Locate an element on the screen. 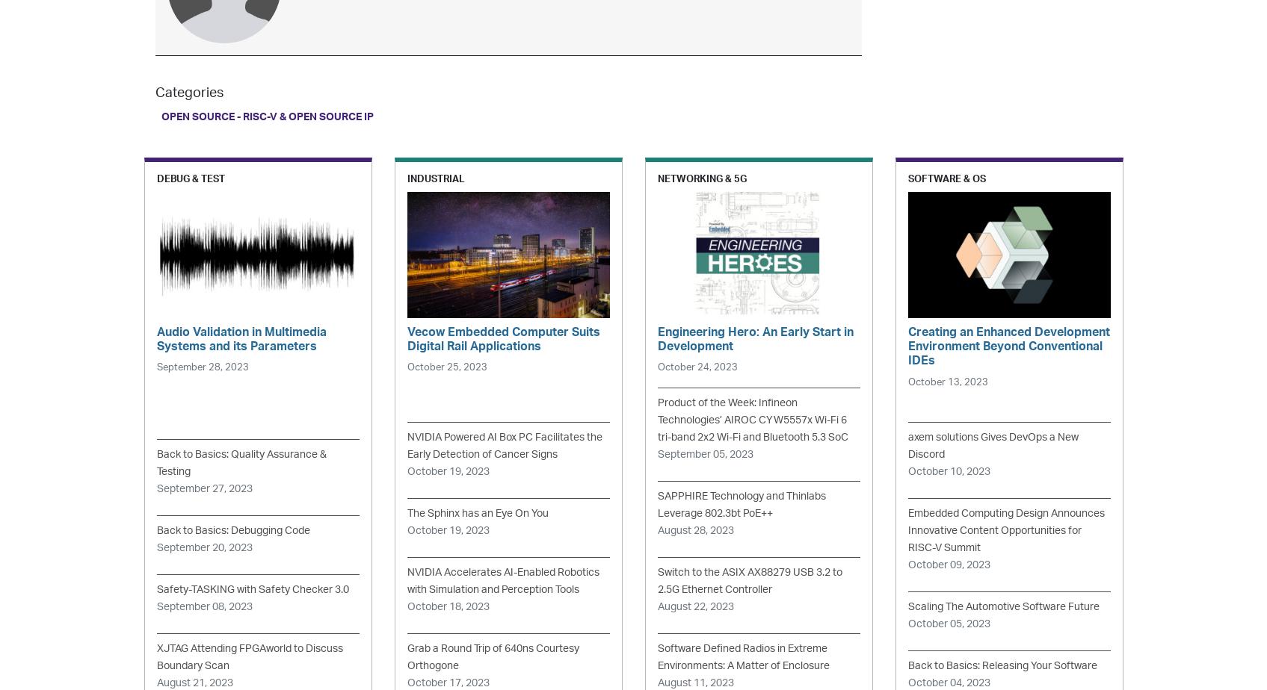 This screenshot has height=690, width=1267. 'October 10, 2023' is located at coordinates (948, 471).